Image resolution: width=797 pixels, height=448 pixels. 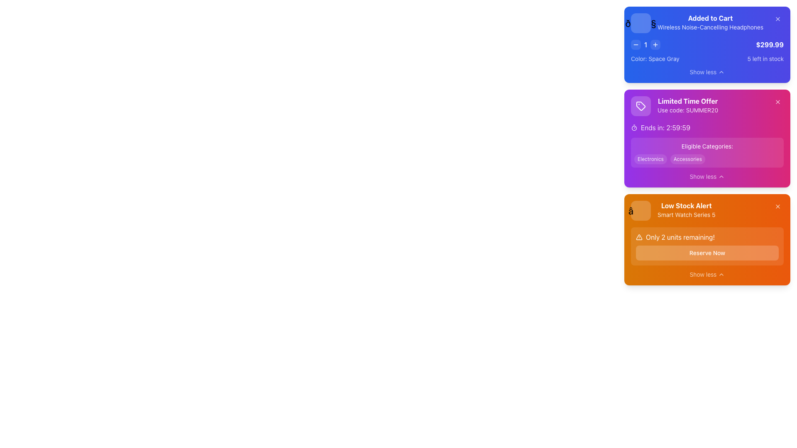 What do you see at coordinates (710, 27) in the screenshot?
I see `text label displaying 'Wireless Noise-Cancelling Headphones' located below the 'Added to Cart' label in the blue section of the interface` at bounding box center [710, 27].